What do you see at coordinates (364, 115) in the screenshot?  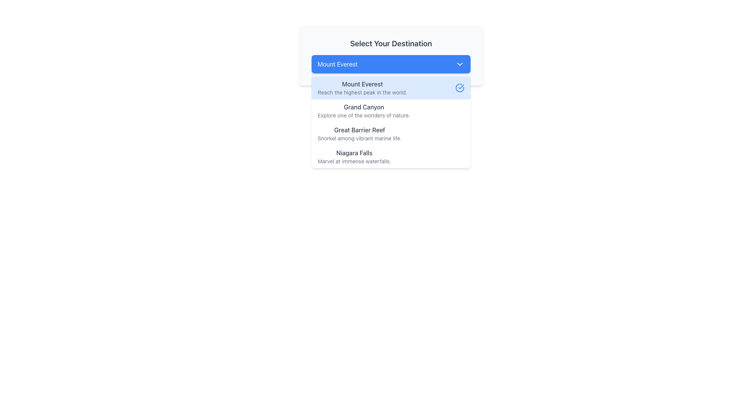 I see `the static descriptive text reading 'Explore one of the wonders of nature.' located under the 'Grand Canyon' heading in the dropdown menu` at bounding box center [364, 115].